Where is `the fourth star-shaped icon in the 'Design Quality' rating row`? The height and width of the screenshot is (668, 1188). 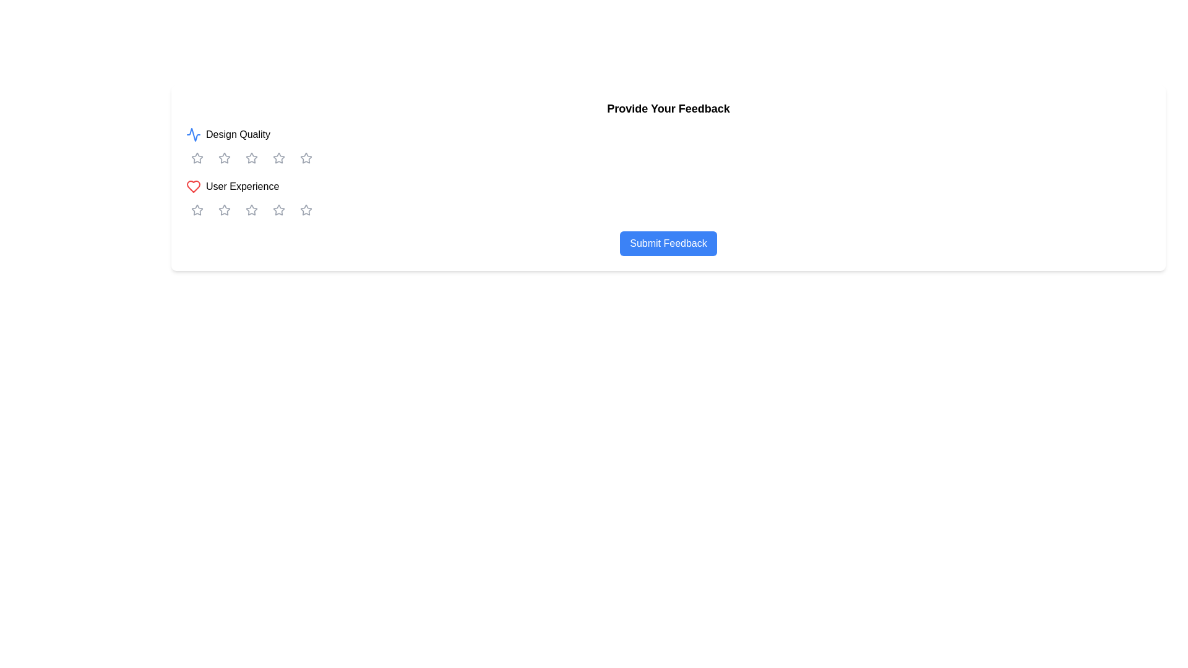 the fourth star-shaped icon in the 'Design Quality' rating row is located at coordinates (278, 157).